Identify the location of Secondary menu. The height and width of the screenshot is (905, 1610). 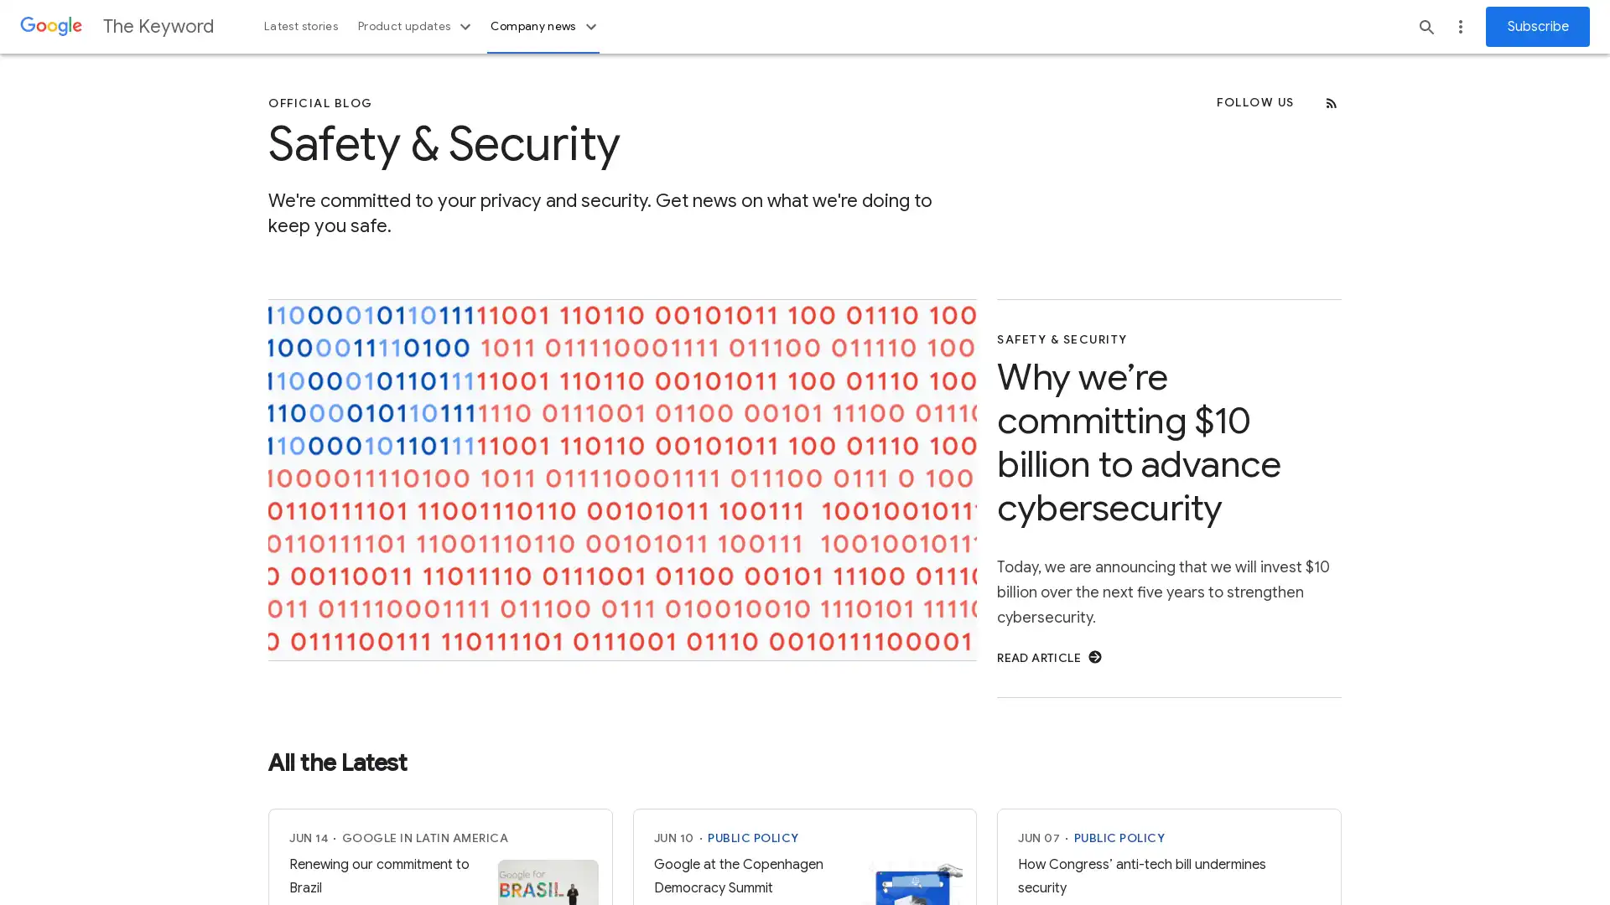
(1460, 26).